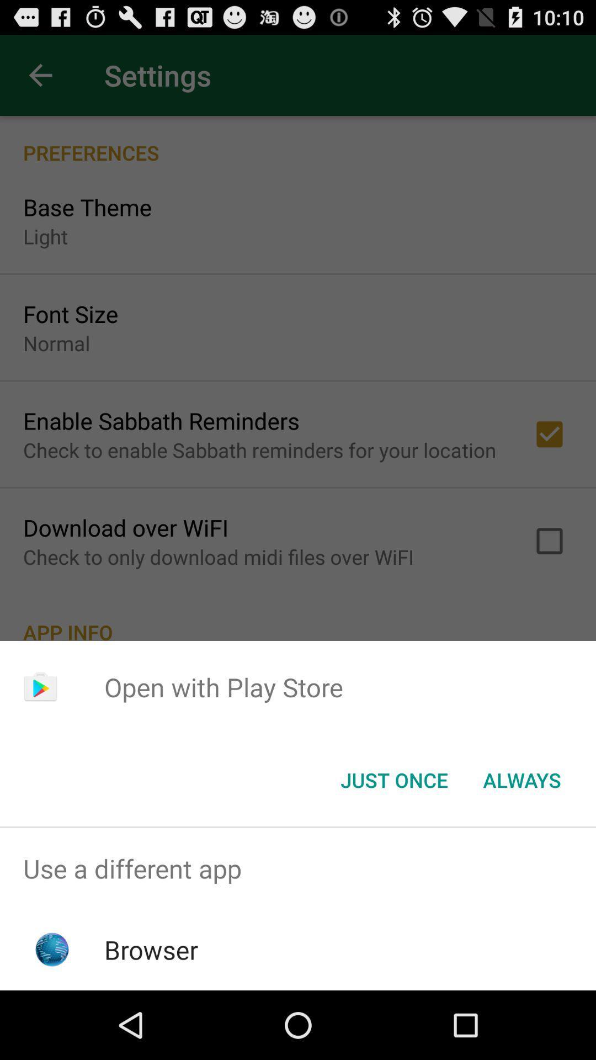 This screenshot has width=596, height=1060. What do you see at coordinates (521, 779) in the screenshot?
I see `app below open with play app` at bounding box center [521, 779].